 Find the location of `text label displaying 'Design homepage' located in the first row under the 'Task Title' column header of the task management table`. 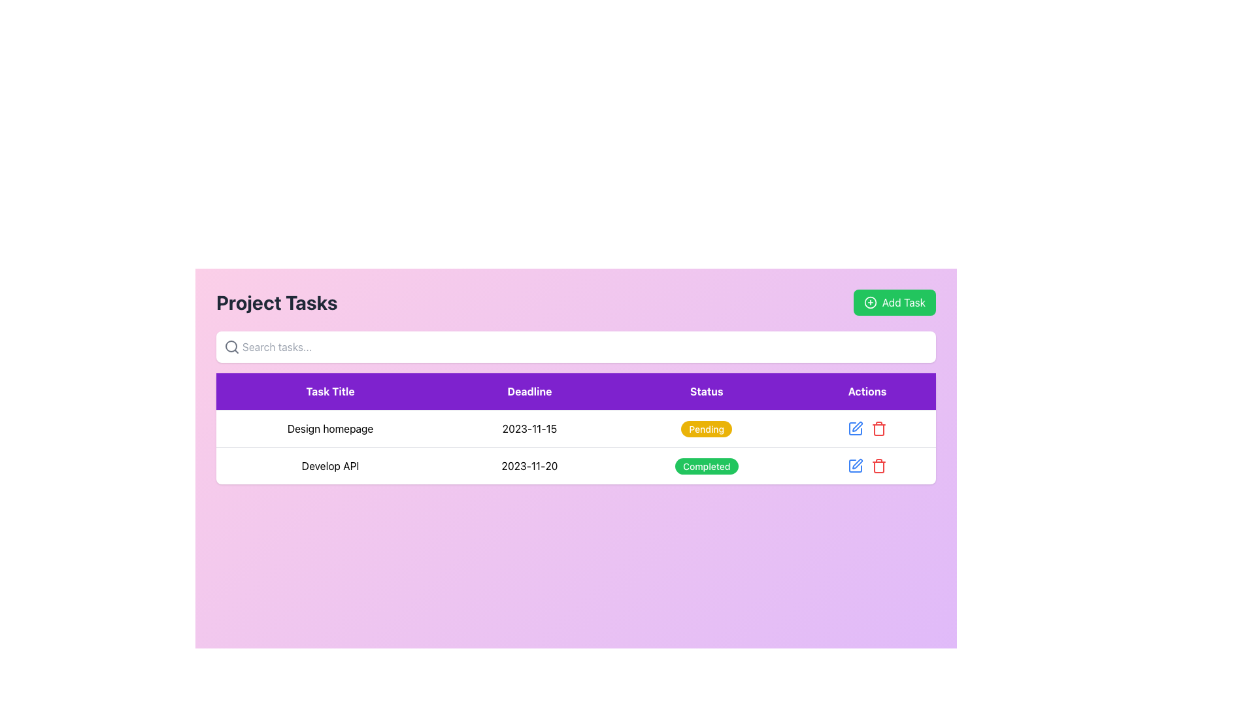

text label displaying 'Design homepage' located in the first row under the 'Task Title' column header of the task management table is located at coordinates (330, 428).